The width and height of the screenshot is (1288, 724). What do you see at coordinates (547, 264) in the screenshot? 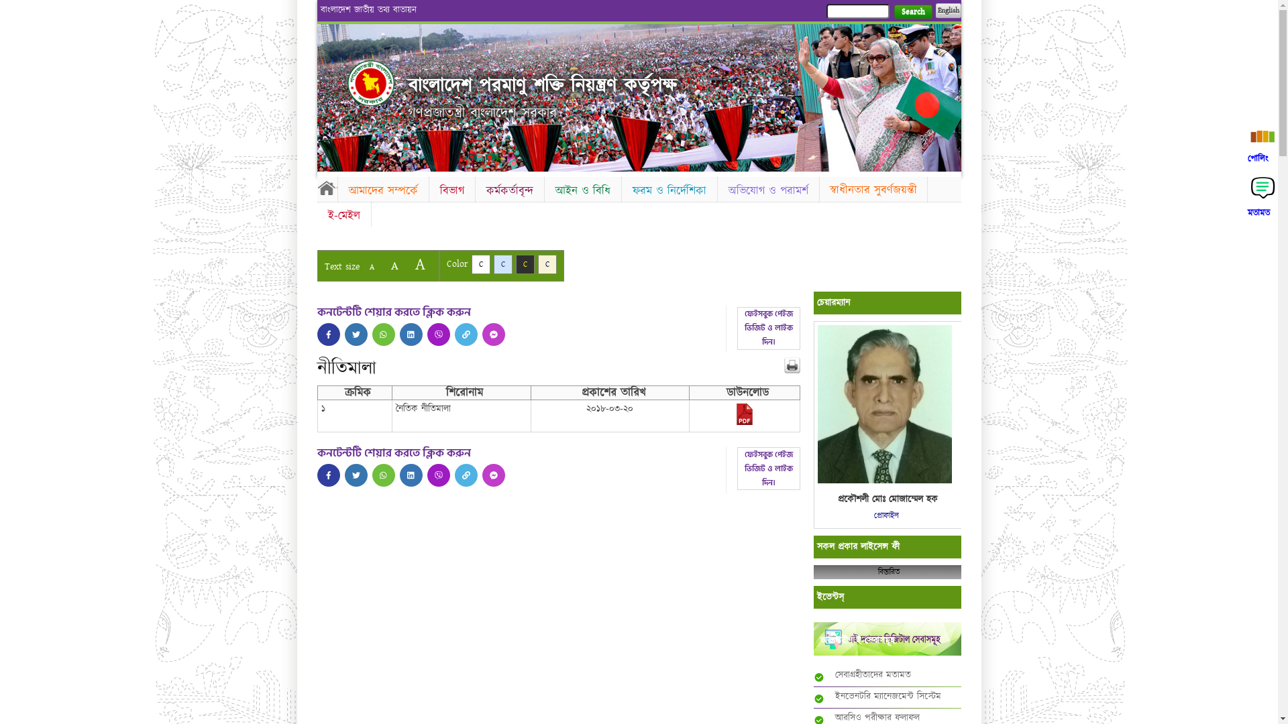
I see `'C'` at bounding box center [547, 264].